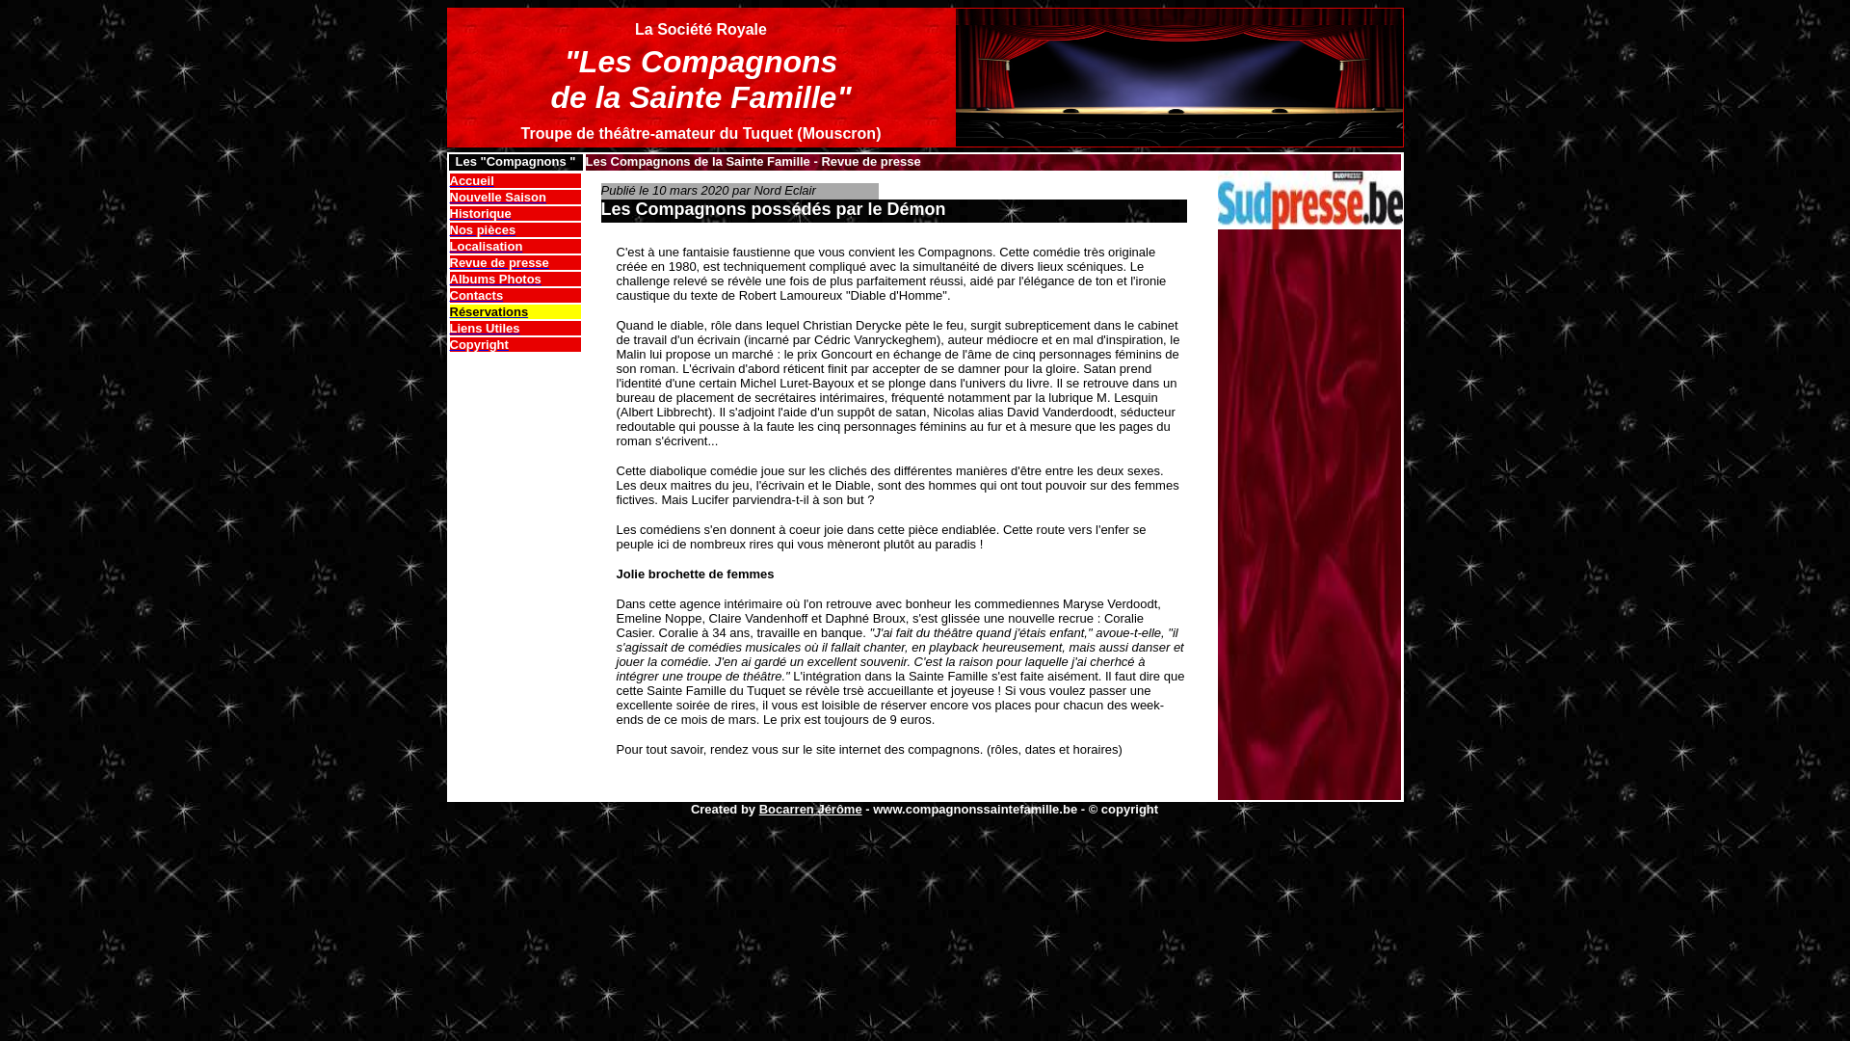 This screenshot has height=1041, width=1850. What do you see at coordinates (478, 342) in the screenshot?
I see `'Copyright'` at bounding box center [478, 342].